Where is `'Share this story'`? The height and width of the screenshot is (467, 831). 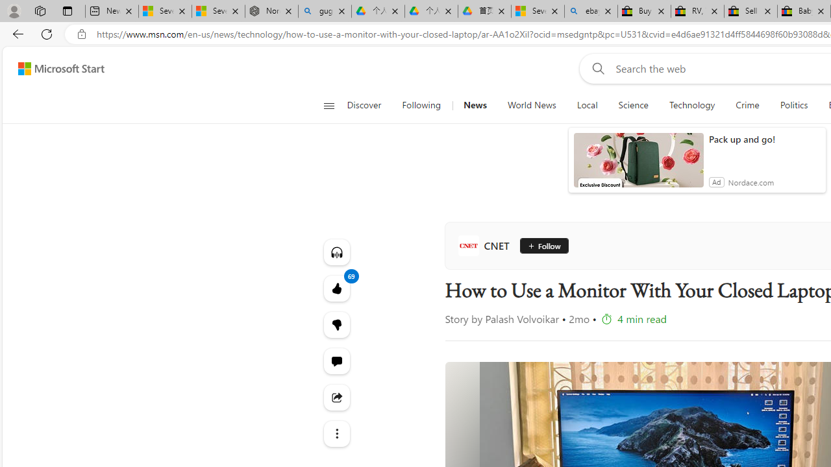 'Share this story' is located at coordinates (336, 397).